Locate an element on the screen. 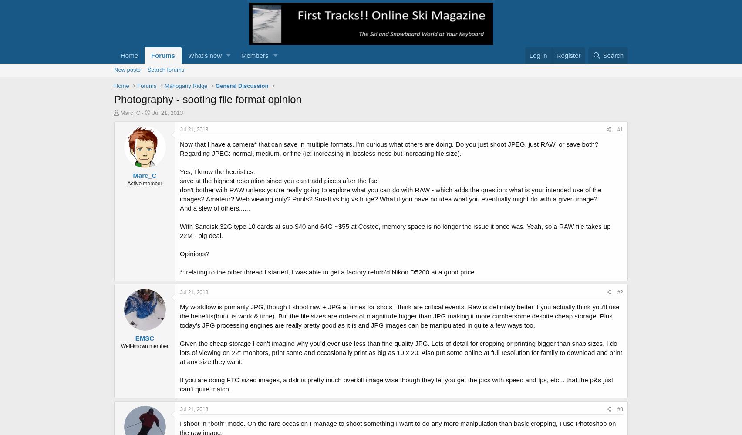 This screenshot has width=742, height=435. '*: relating to the other thread I started, I was able to get a factory refurb'd Nikon D5200 at a good price.' is located at coordinates (327, 271).